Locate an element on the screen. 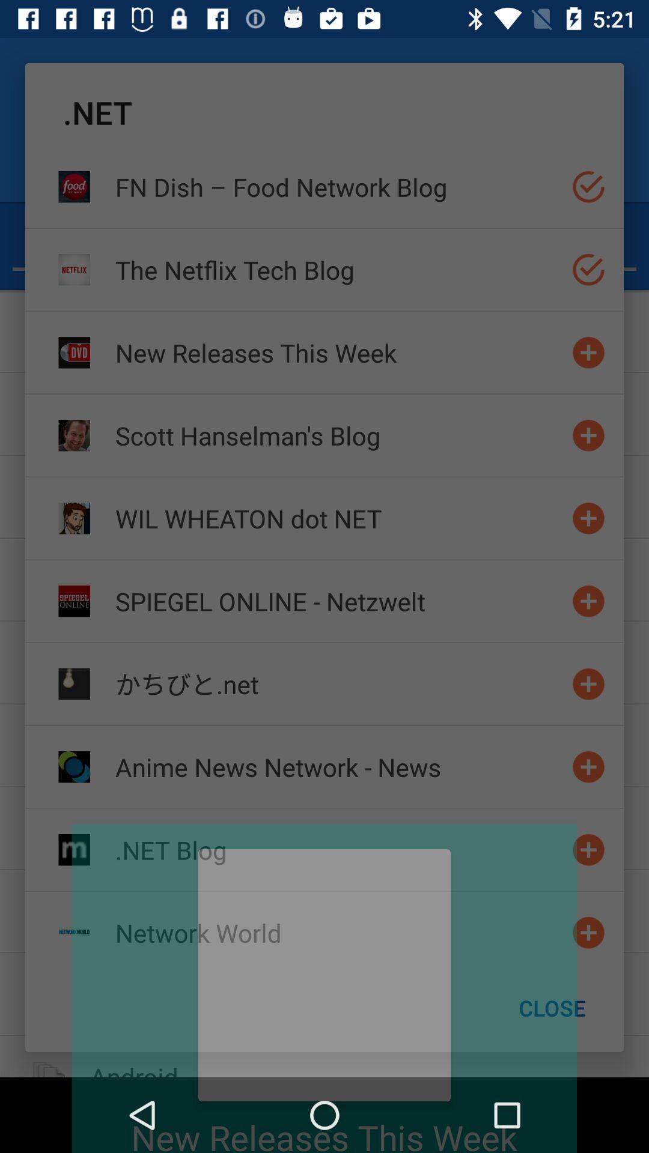 This screenshot has width=649, height=1153. item above scott hanselman s icon is located at coordinates (338, 352).